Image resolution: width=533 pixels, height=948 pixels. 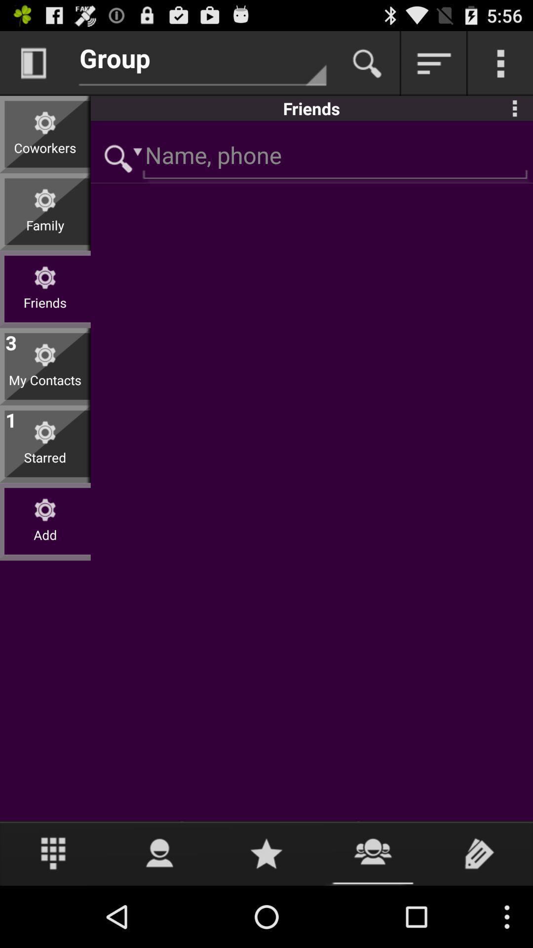 What do you see at coordinates (53, 912) in the screenshot?
I see `the dialpad icon` at bounding box center [53, 912].